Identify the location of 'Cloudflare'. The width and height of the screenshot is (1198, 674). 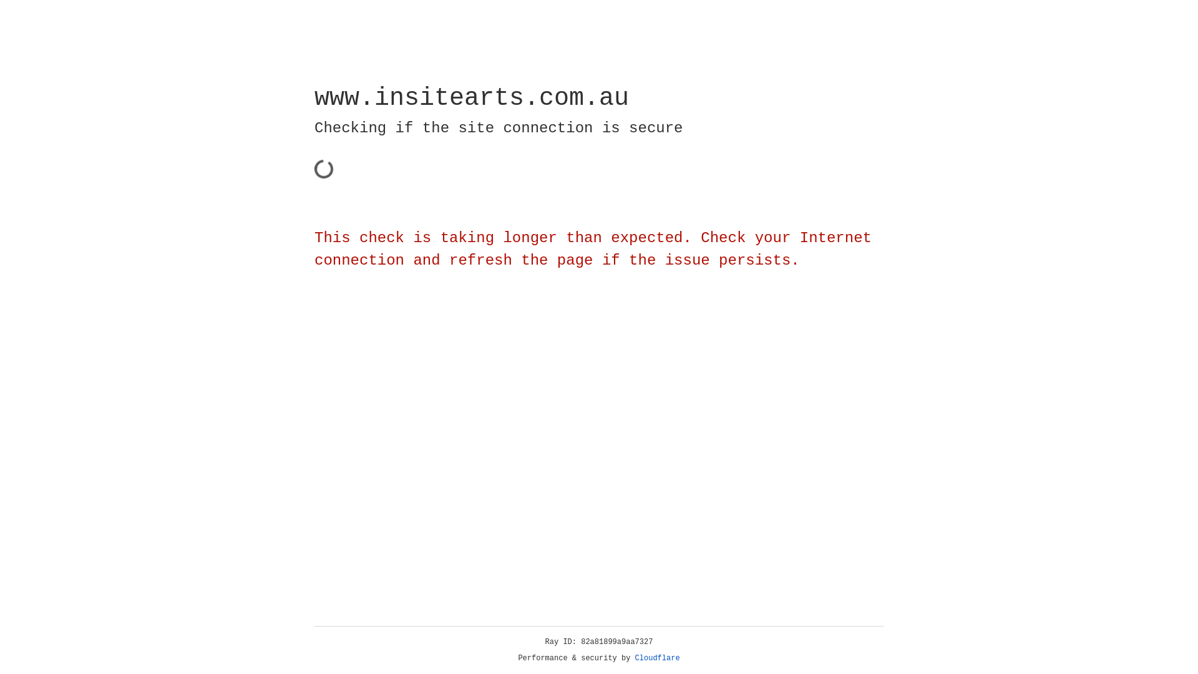
(657, 658).